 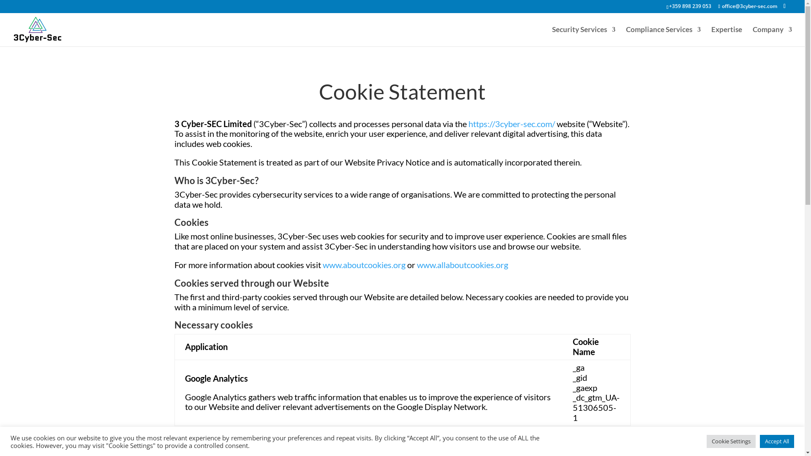 What do you see at coordinates (468, 124) in the screenshot?
I see `'https://3cyber-sec.com/'` at bounding box center [468, 124].